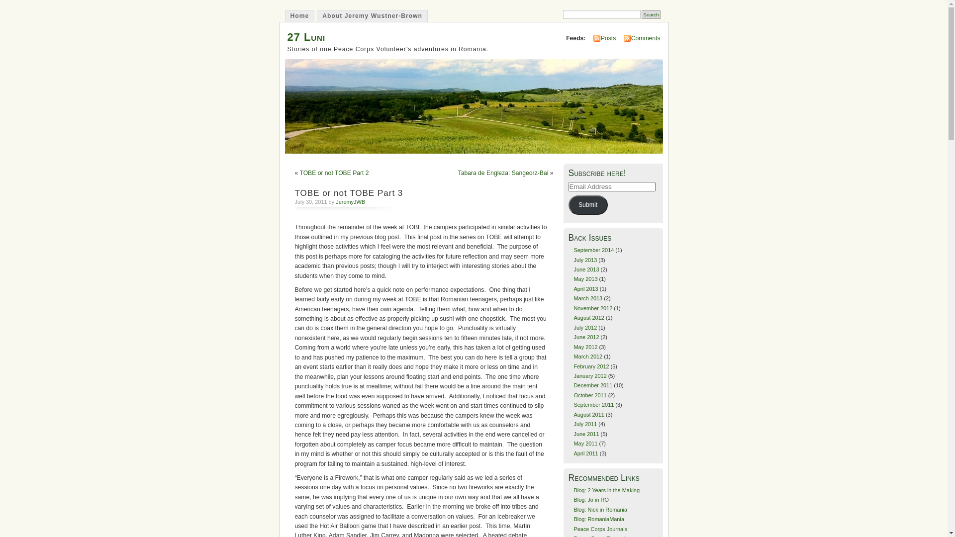 Image resolution: width=955 pixels, height=537 pixels. What do you see at coordinates (651, 14) in the screenshot?
I see `'Search'` at bounding box center [651, 14].